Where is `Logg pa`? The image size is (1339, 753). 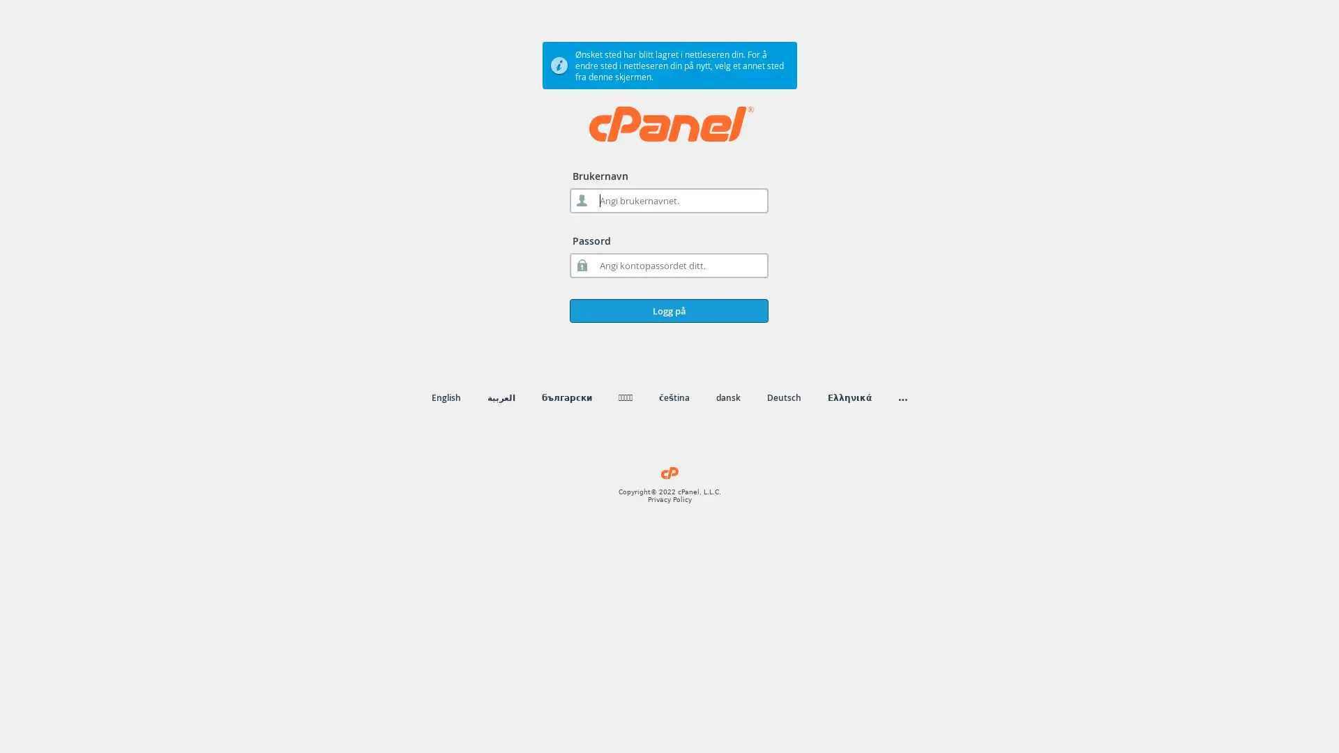
Logg pa is located at coordinates (668, 310).